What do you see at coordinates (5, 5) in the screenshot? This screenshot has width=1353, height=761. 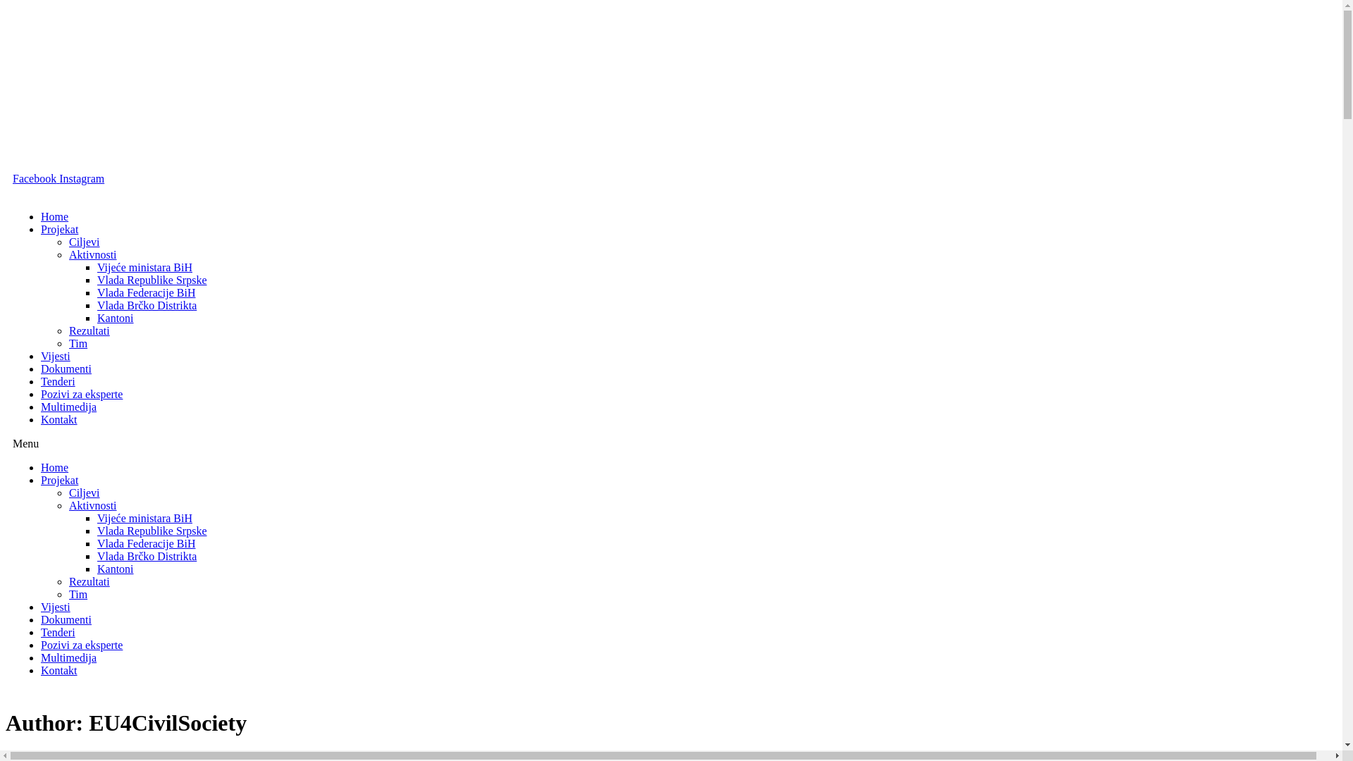 I see `'Skip to content'` at bounding box center [5, 5].